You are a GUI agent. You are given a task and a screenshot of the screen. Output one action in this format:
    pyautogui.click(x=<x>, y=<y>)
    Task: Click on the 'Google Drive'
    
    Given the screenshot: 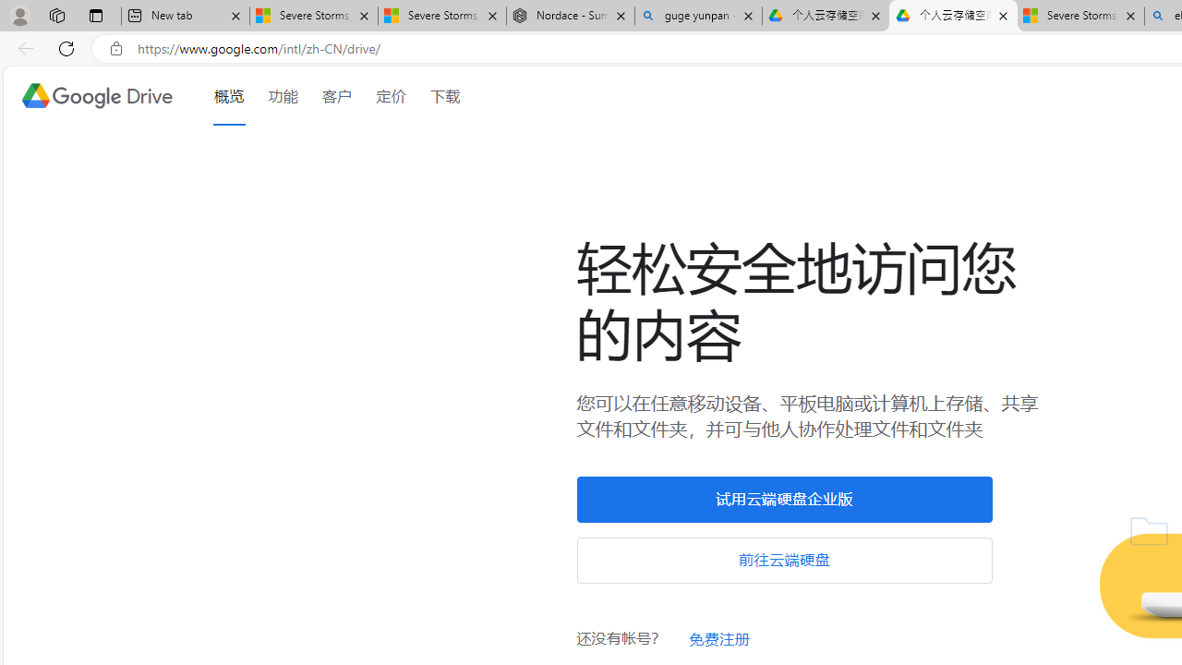 What is the action you would take?
    pyautogui.click(x=95, y=96)
    